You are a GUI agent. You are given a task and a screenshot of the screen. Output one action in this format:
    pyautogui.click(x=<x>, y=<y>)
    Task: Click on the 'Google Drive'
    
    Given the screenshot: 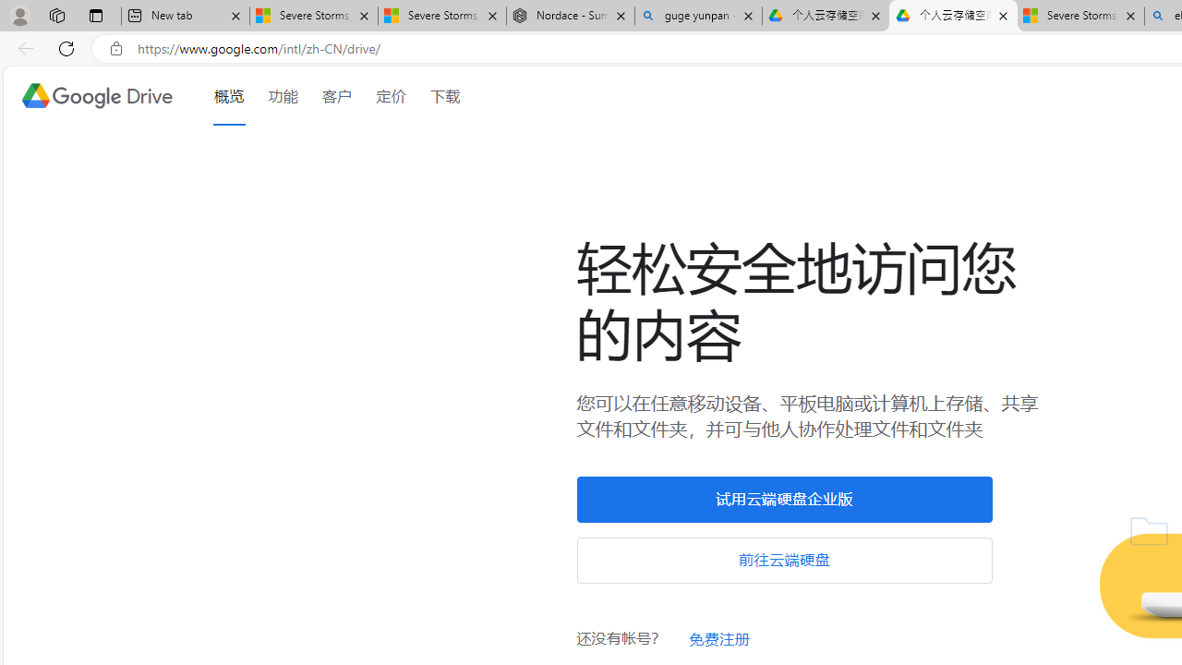 What is the action you would take?
    pyautogui.click(x=95, y=96)
    